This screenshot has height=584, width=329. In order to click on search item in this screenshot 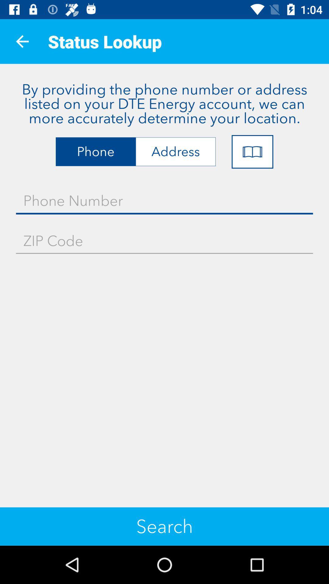, I will do `click(164, 526)`.